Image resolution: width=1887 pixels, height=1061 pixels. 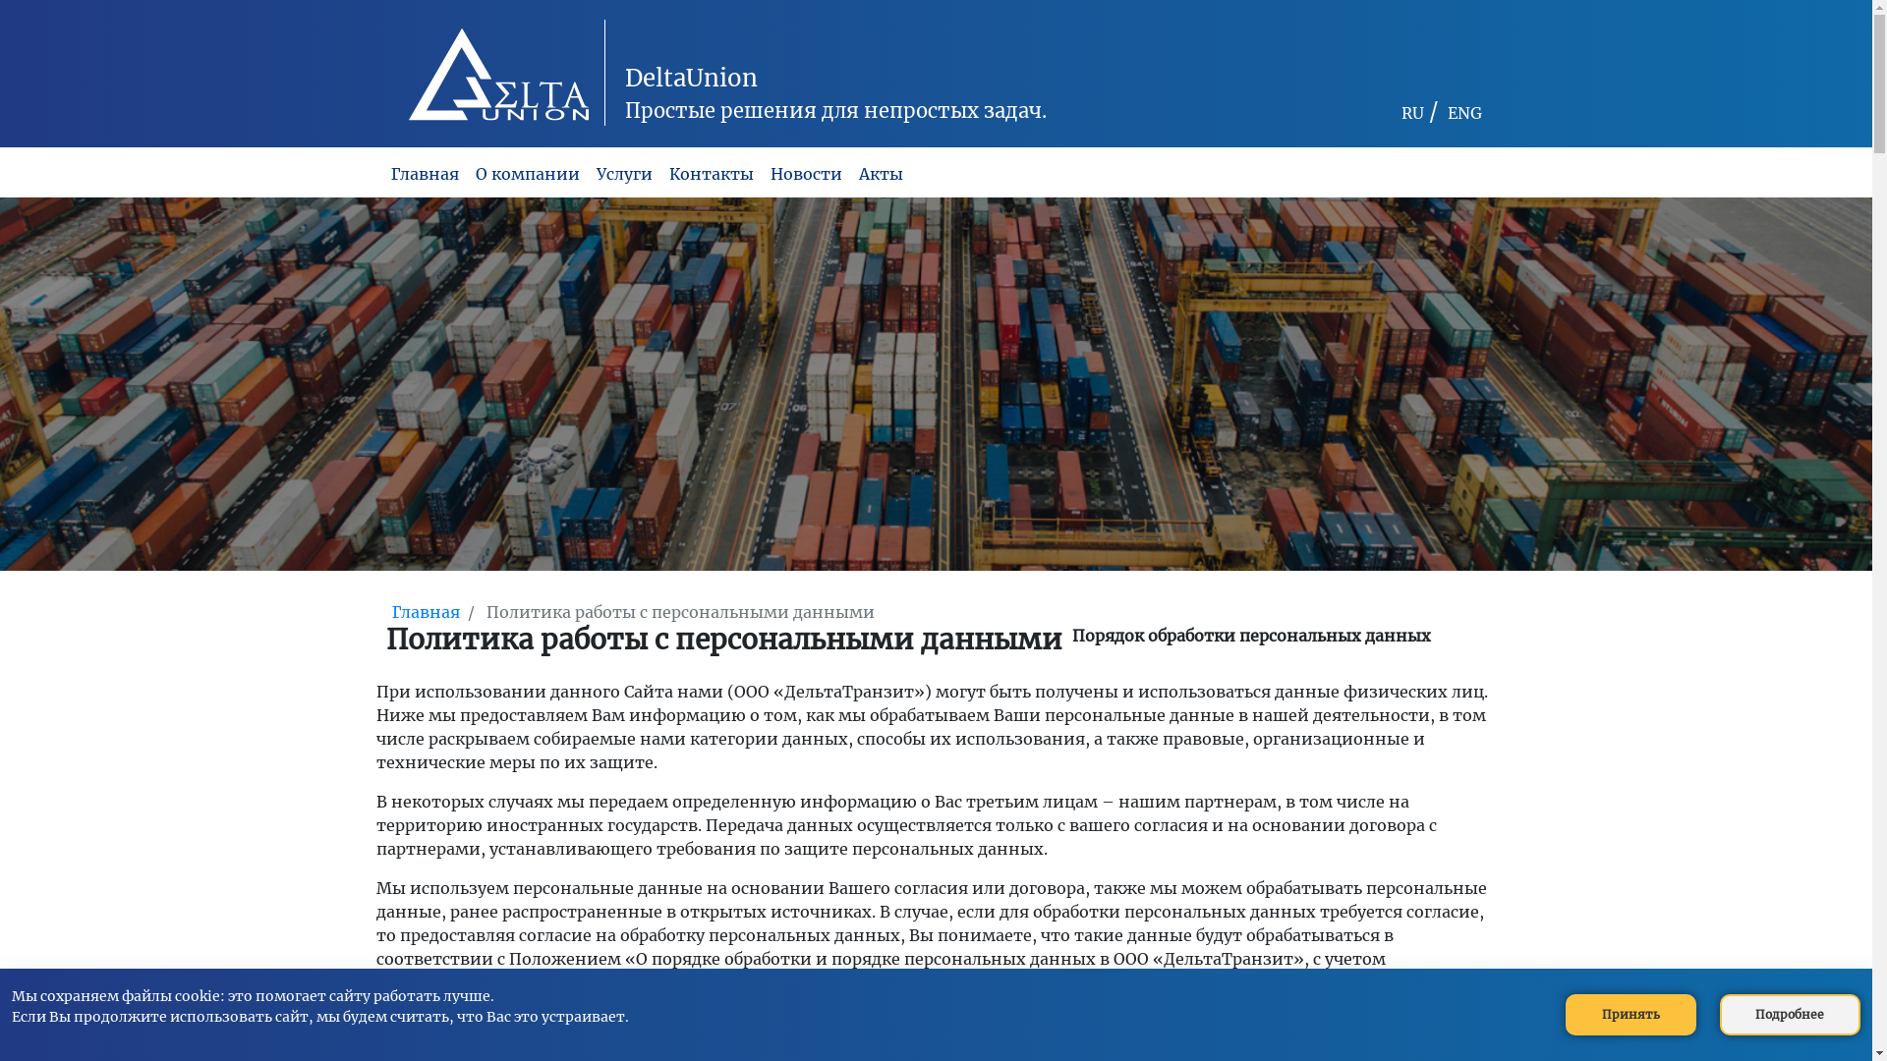 I want to click on 'RU', so click(x=1411, y=113).